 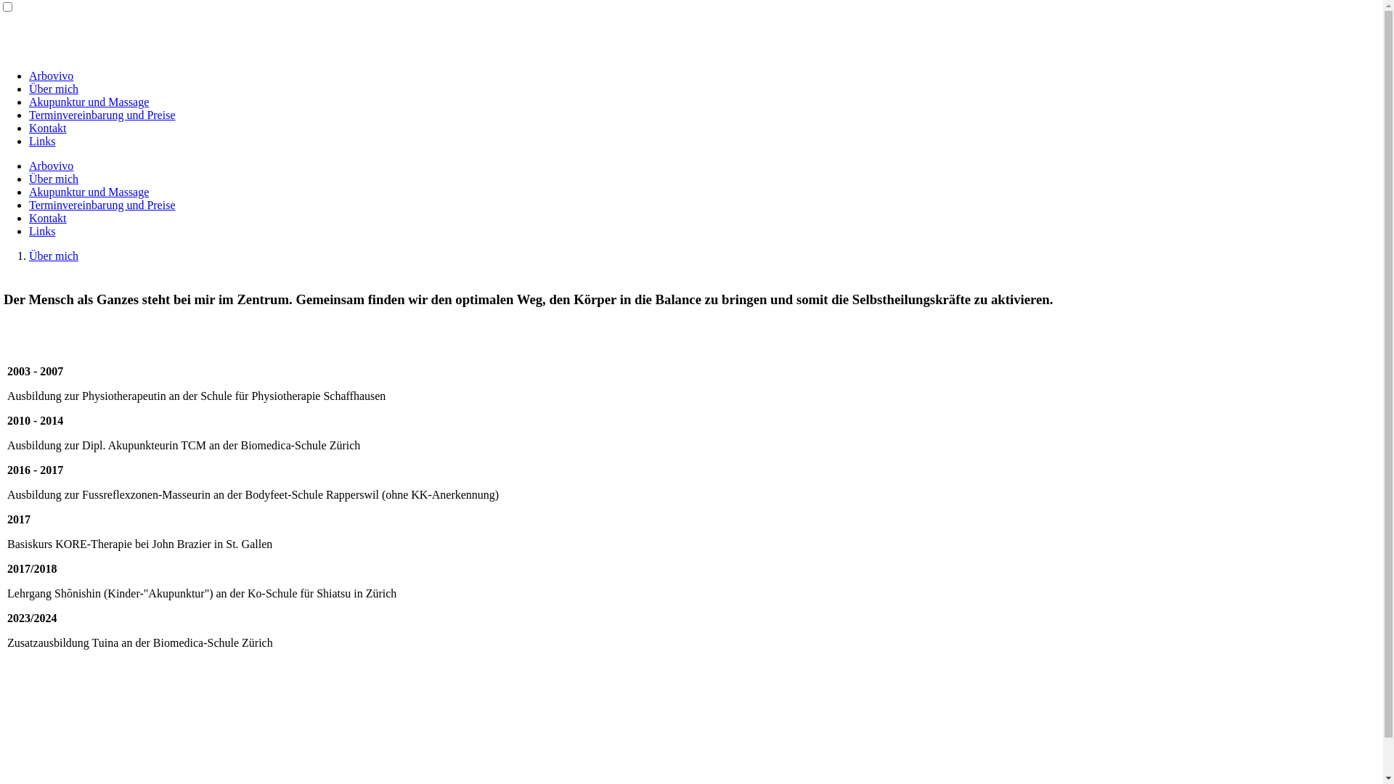 I want to click on 'Arbovivo', so click(x=51, y=75).